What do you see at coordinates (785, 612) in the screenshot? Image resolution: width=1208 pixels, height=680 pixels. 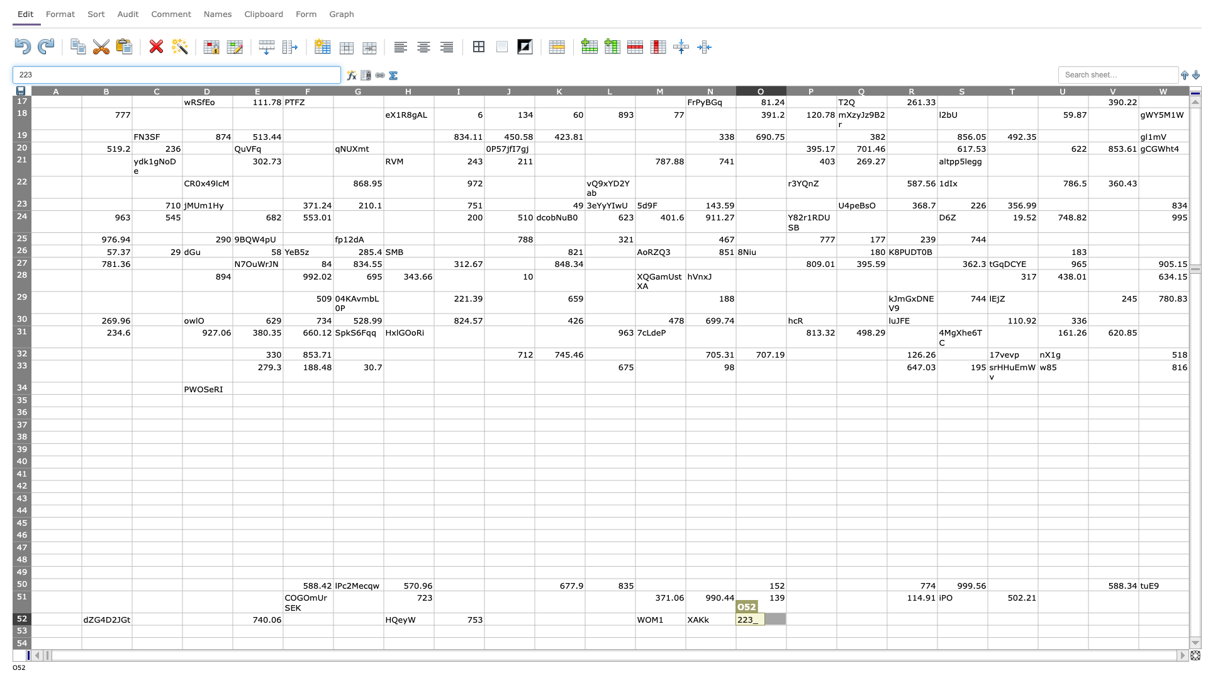 I see `Place cursor on top left corner of P52` at bounding box center [785, 612].